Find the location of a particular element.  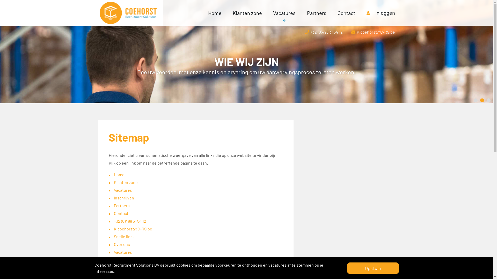

'Partners' is located at coordinates (316, 13).